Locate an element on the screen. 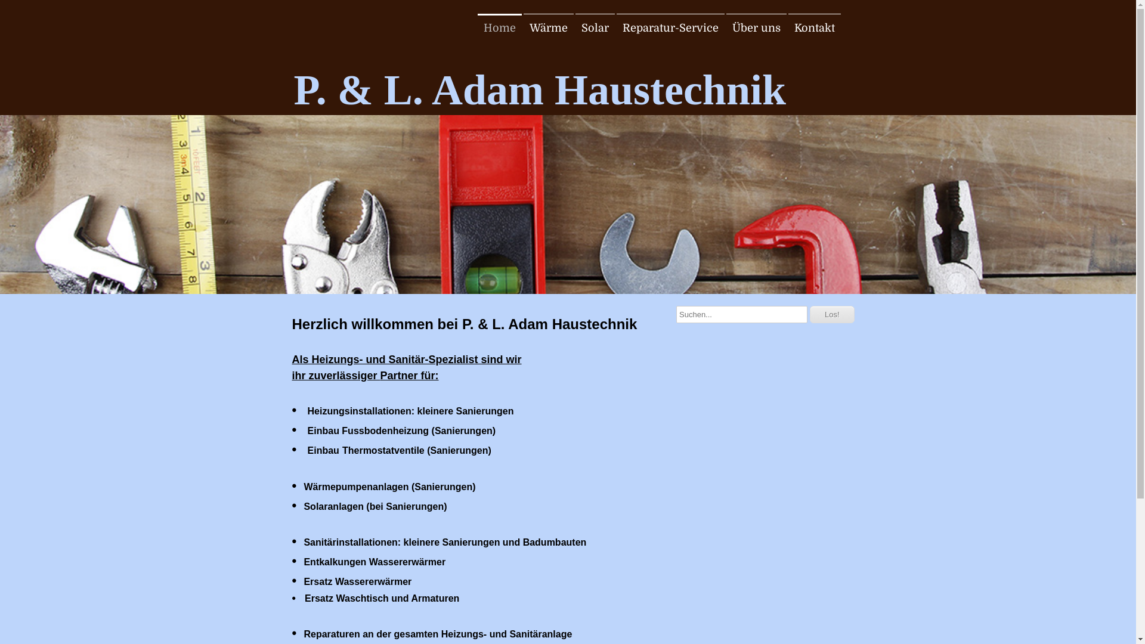 The height and width of the screenshot is (644, 1145). 'Reparatur-Service' is located at coordinates (670, 27).